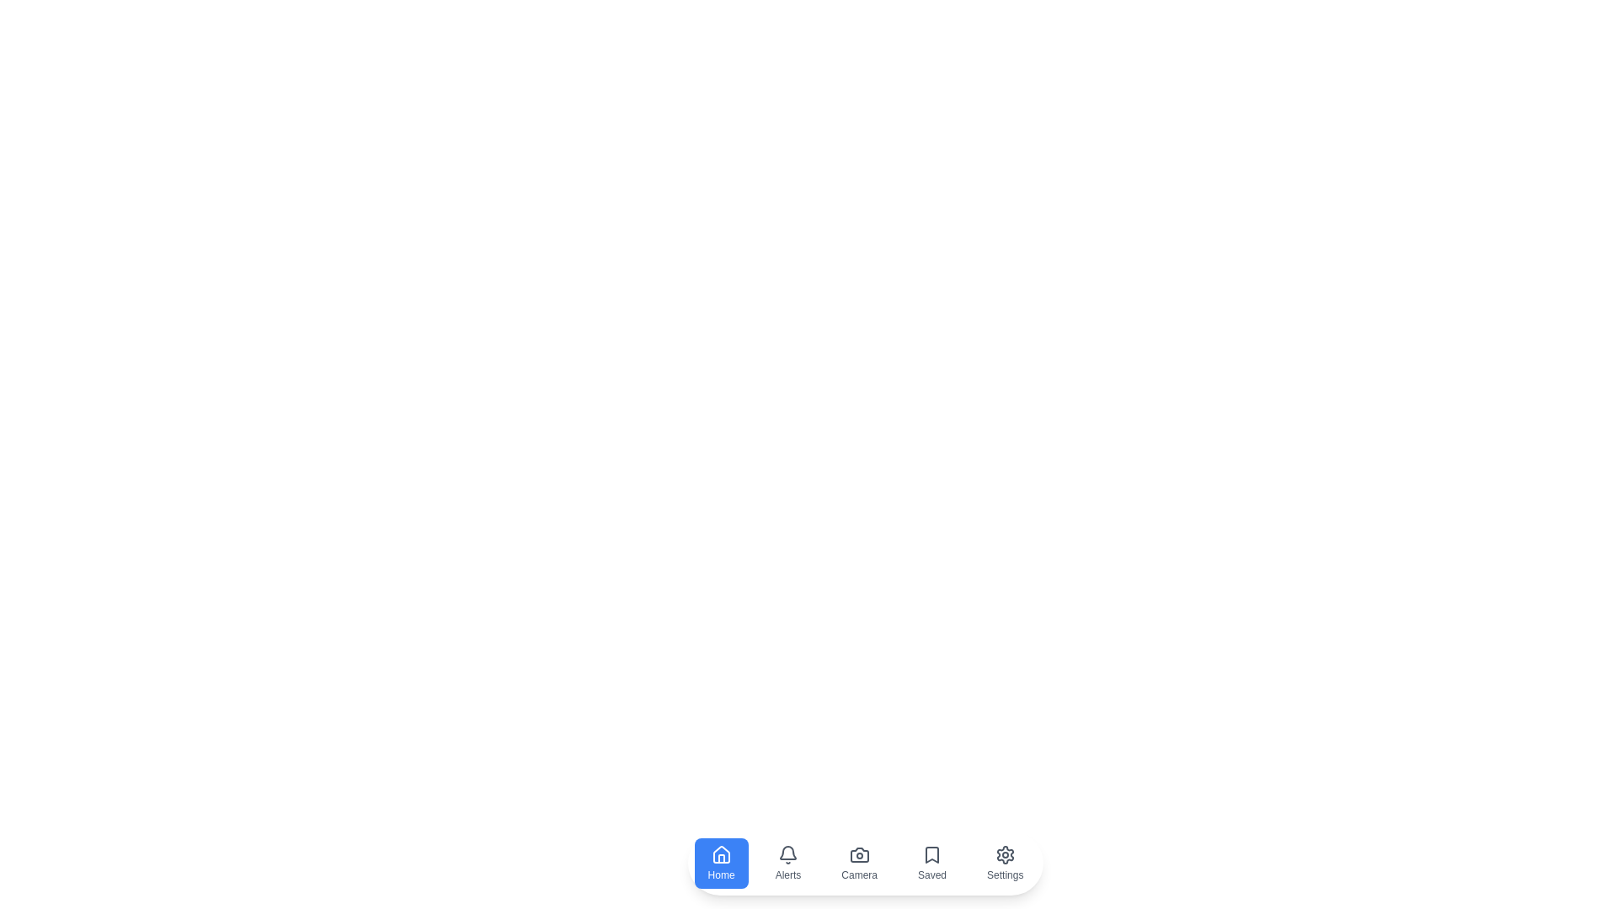 This screenshot has width=1617, height=909. Describe the element at coordinates (787, 864) in the screenshot. I see `the navigation item Alerts by clicking on its respective button` at that location.